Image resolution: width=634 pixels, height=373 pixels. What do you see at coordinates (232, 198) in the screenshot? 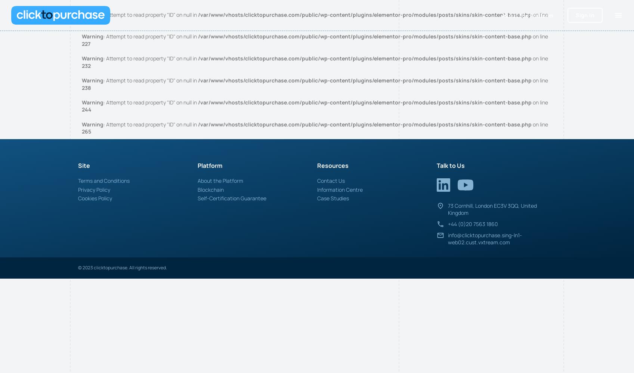
I see `'Self-Certification Guarantee'` at bounding box center [232, 198].